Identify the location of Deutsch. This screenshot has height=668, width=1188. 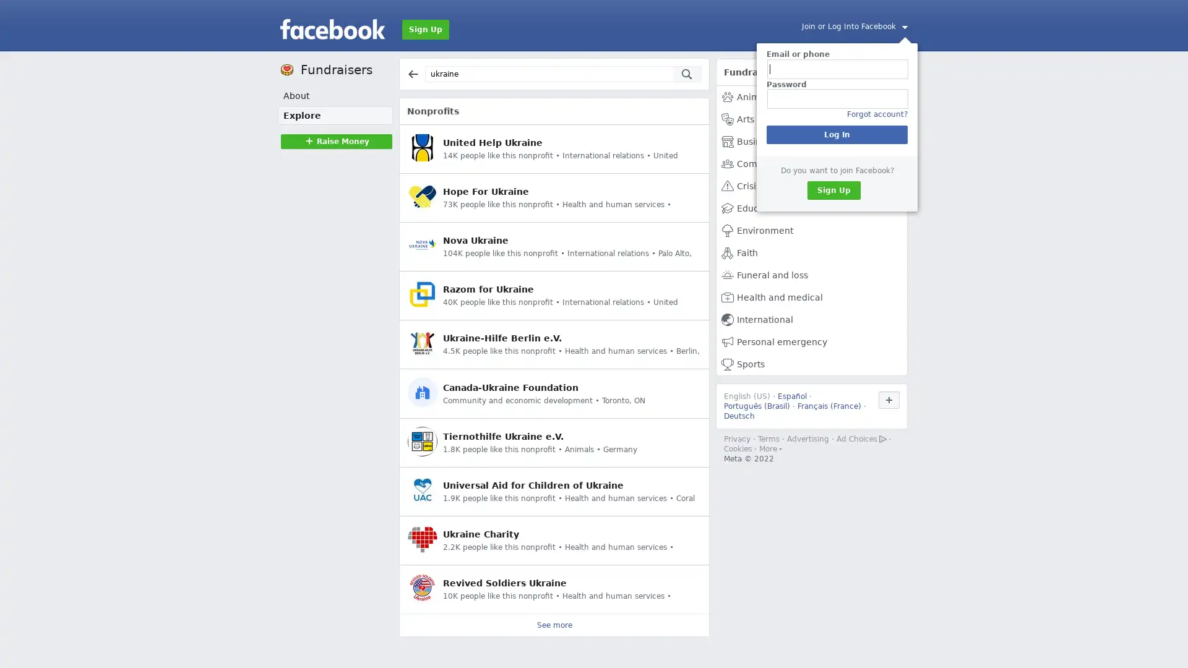
(739, 416).